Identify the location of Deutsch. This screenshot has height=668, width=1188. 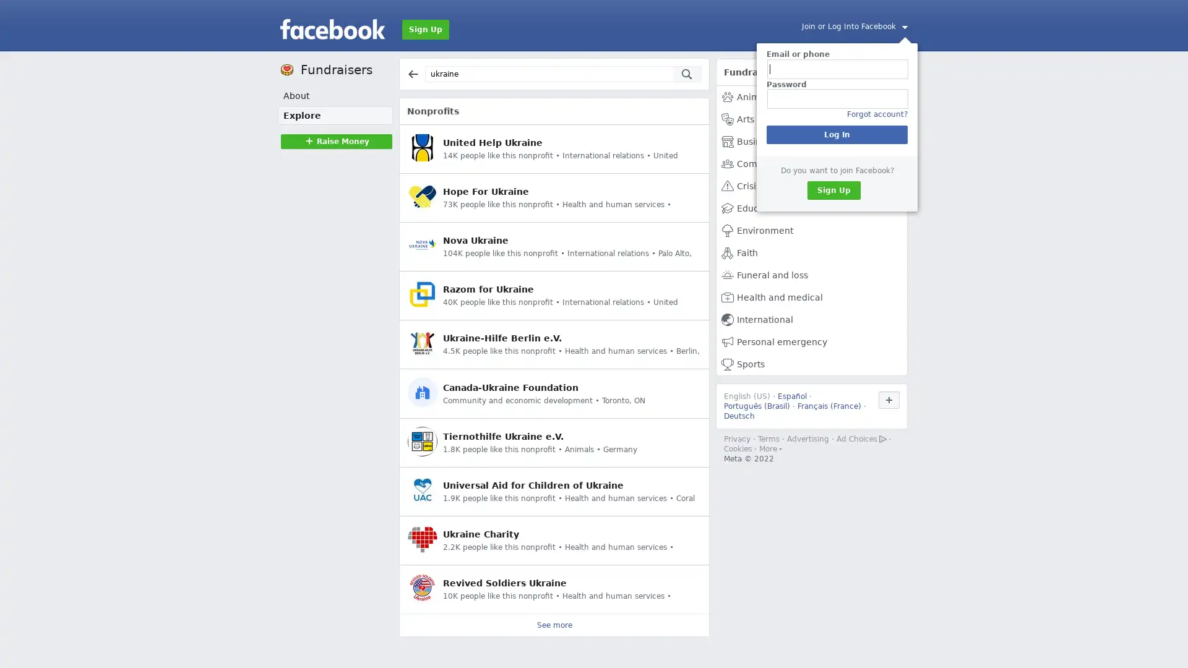
(739, 416).